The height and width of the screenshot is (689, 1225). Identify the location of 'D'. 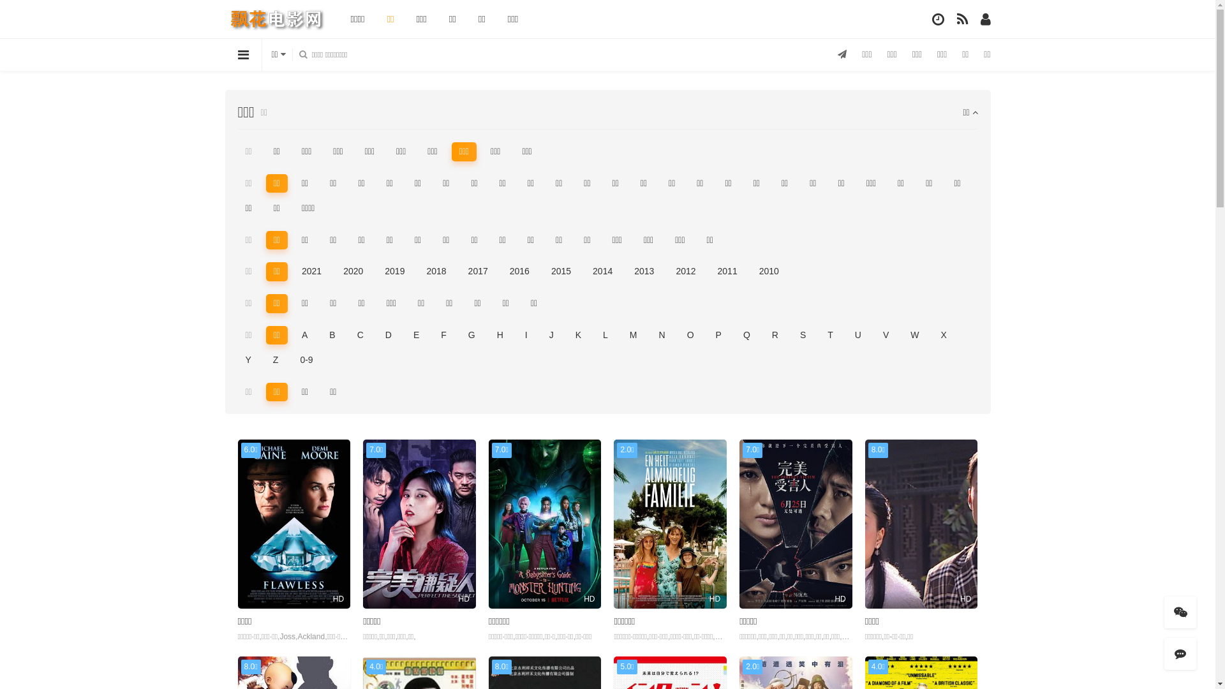
(376, 334).